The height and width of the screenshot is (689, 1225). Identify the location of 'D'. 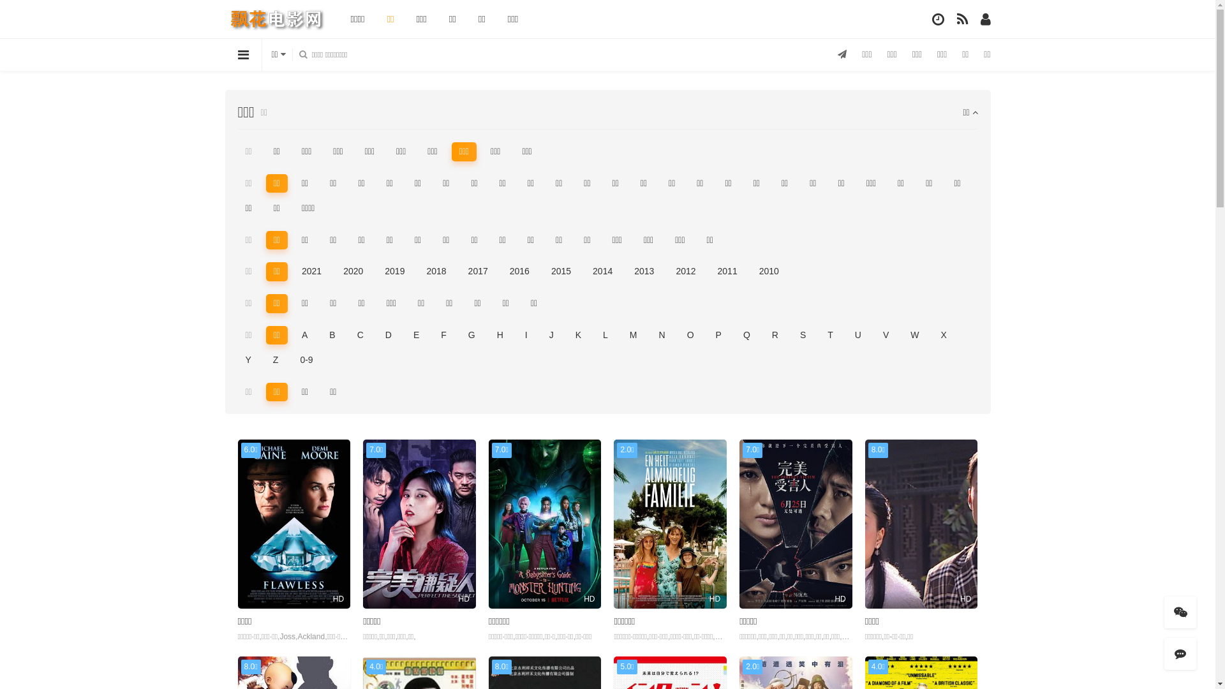
(376, 334).